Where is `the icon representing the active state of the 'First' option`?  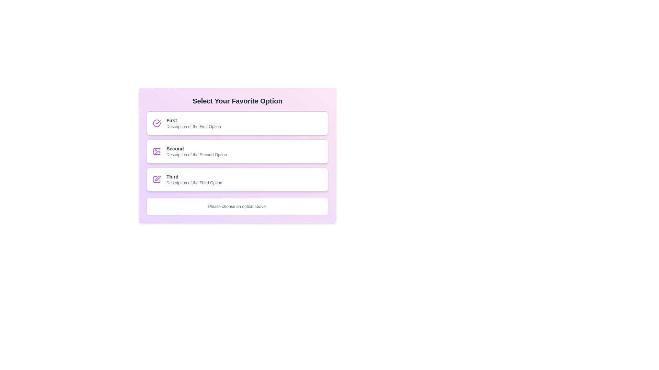
the icon representing the active state of the 'First' option is located at coordinates (156, 123).